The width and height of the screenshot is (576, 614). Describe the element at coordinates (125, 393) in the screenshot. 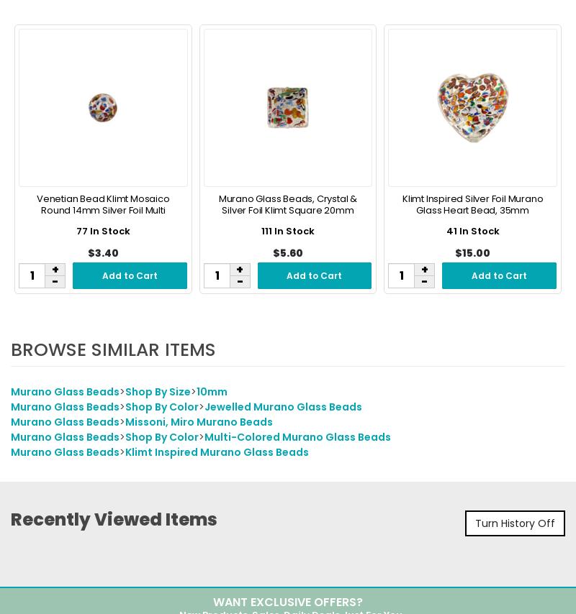

I see `'Shop By Size'` at that location.